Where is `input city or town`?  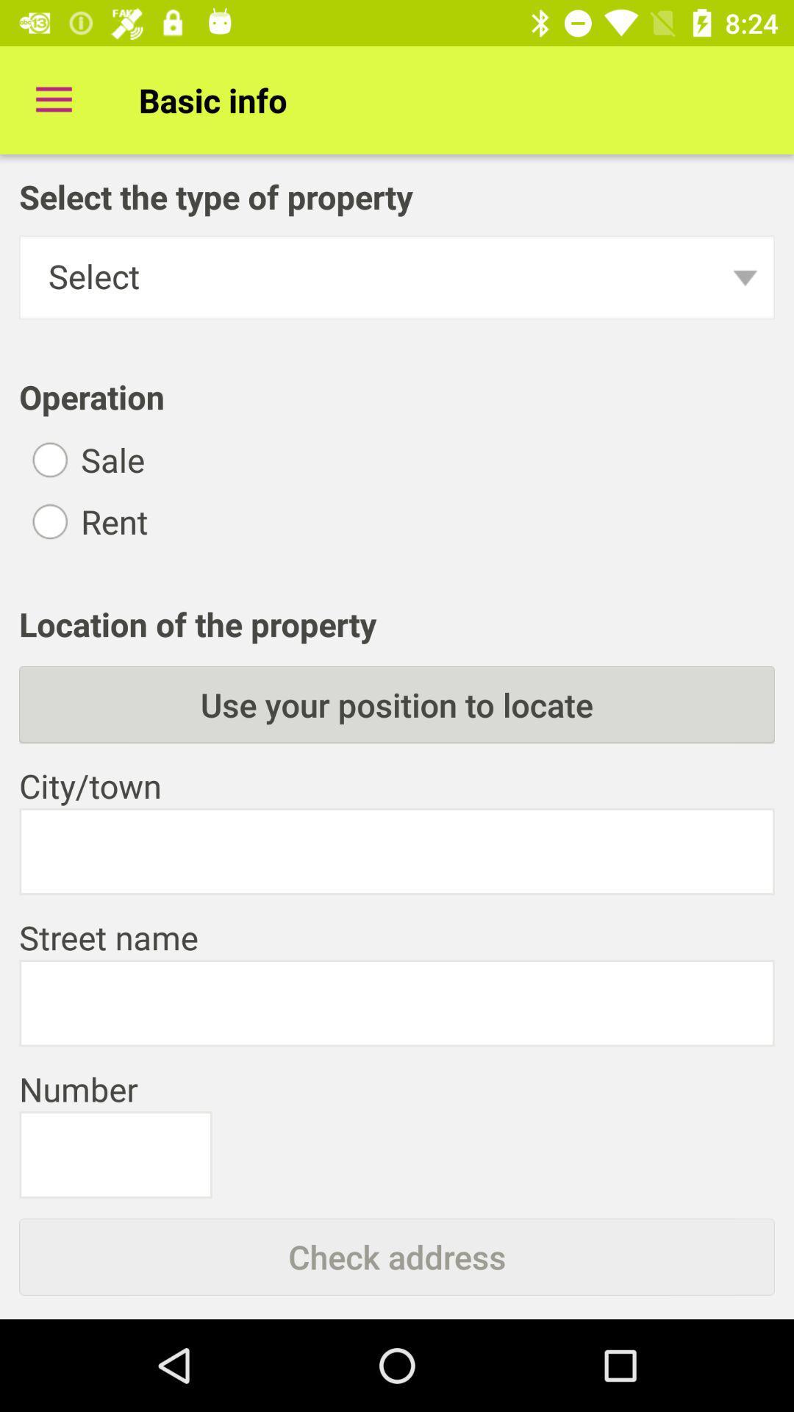
input city or town is located at coordinates (397, 851).